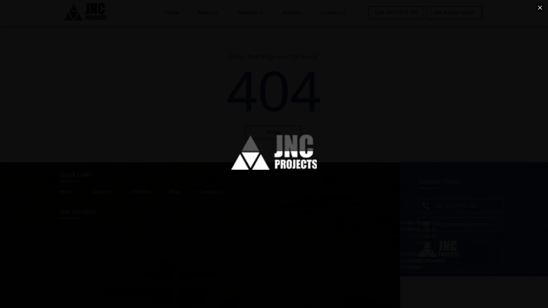 The height and width of the screenshot is (308, 548). What do you see at coordinates (131, 192) in the screenshot?
I see `'Portfolio'` at bounding box center [131, 192].